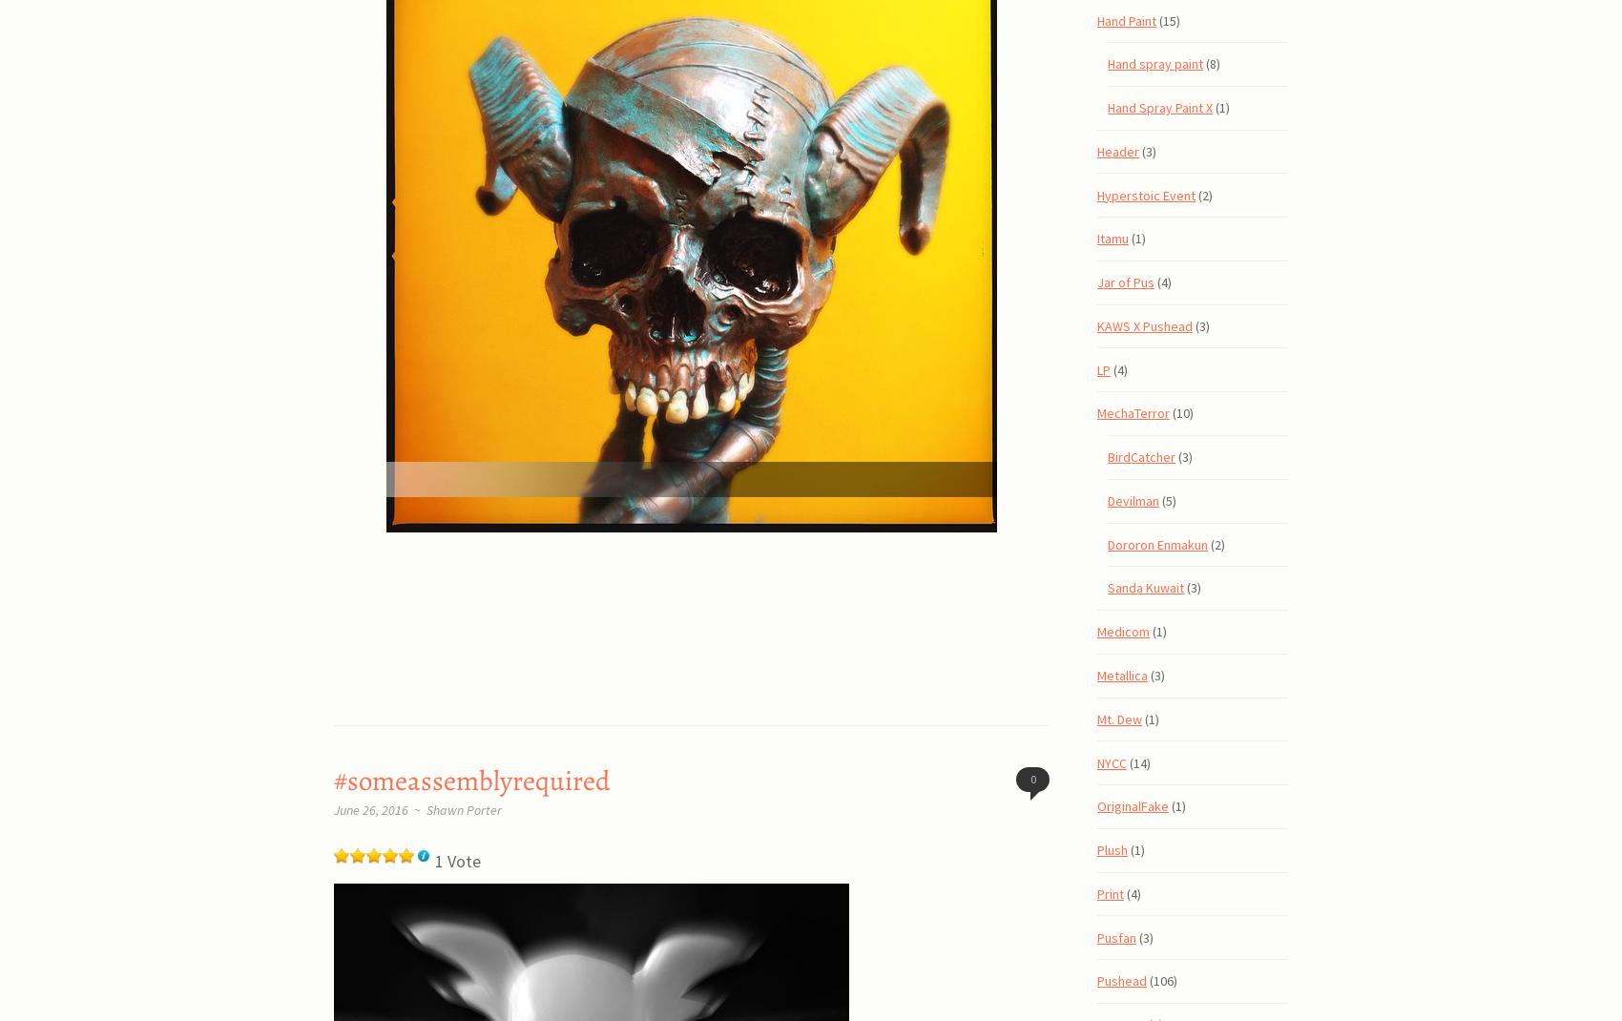  Describe the element at coordinates (418, 808) in the screenshot. I see `'~'` at that location.